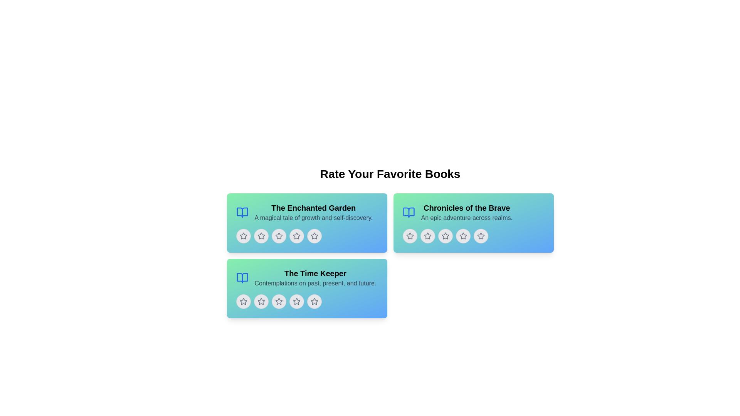  What do you see at coordinates (313, 208) in the screenshot?
I see `title text label located at the upper-left part of the card component, which precedes the subtitle 'A magical tale of growth and self-discovery.'` at bounding box center [313, 208].